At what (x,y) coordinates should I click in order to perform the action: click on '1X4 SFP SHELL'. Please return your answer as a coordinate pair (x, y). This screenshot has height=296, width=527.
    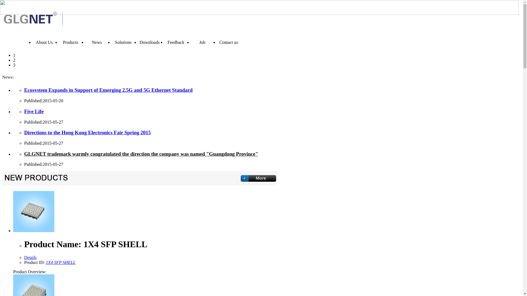
    Looking at the image, I should click on (60, 262).